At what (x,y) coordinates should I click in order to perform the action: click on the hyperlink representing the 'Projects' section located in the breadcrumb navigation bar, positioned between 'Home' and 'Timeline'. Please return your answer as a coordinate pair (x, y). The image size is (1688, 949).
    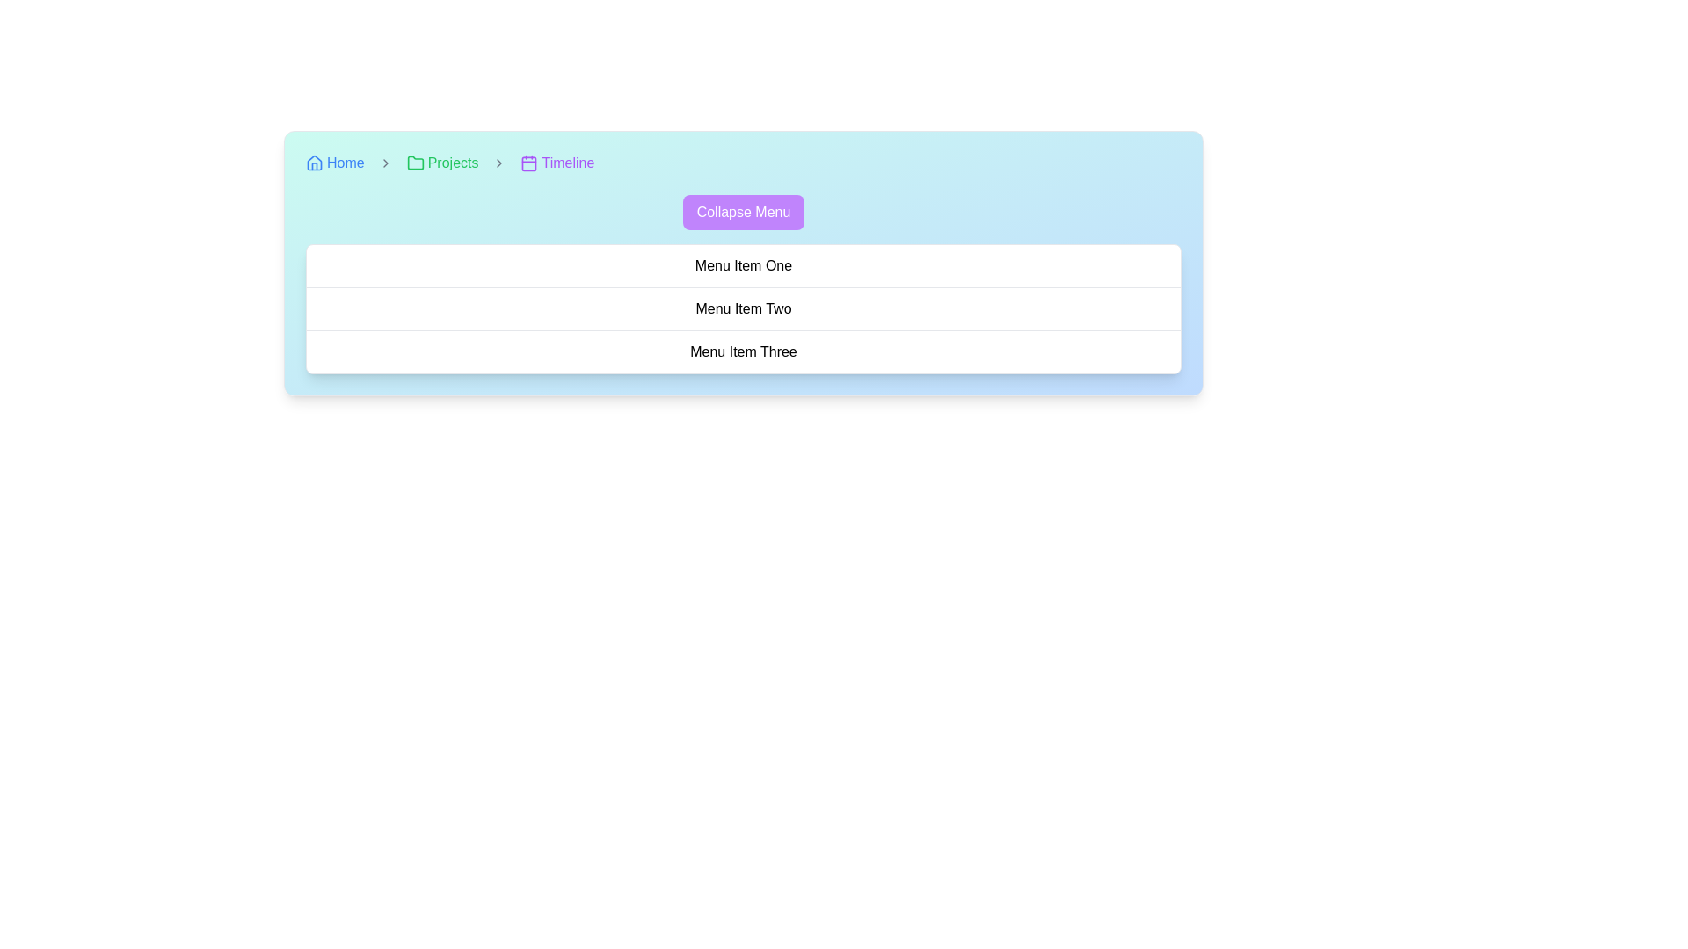
    Looking at the image, I should click on (442, 163).